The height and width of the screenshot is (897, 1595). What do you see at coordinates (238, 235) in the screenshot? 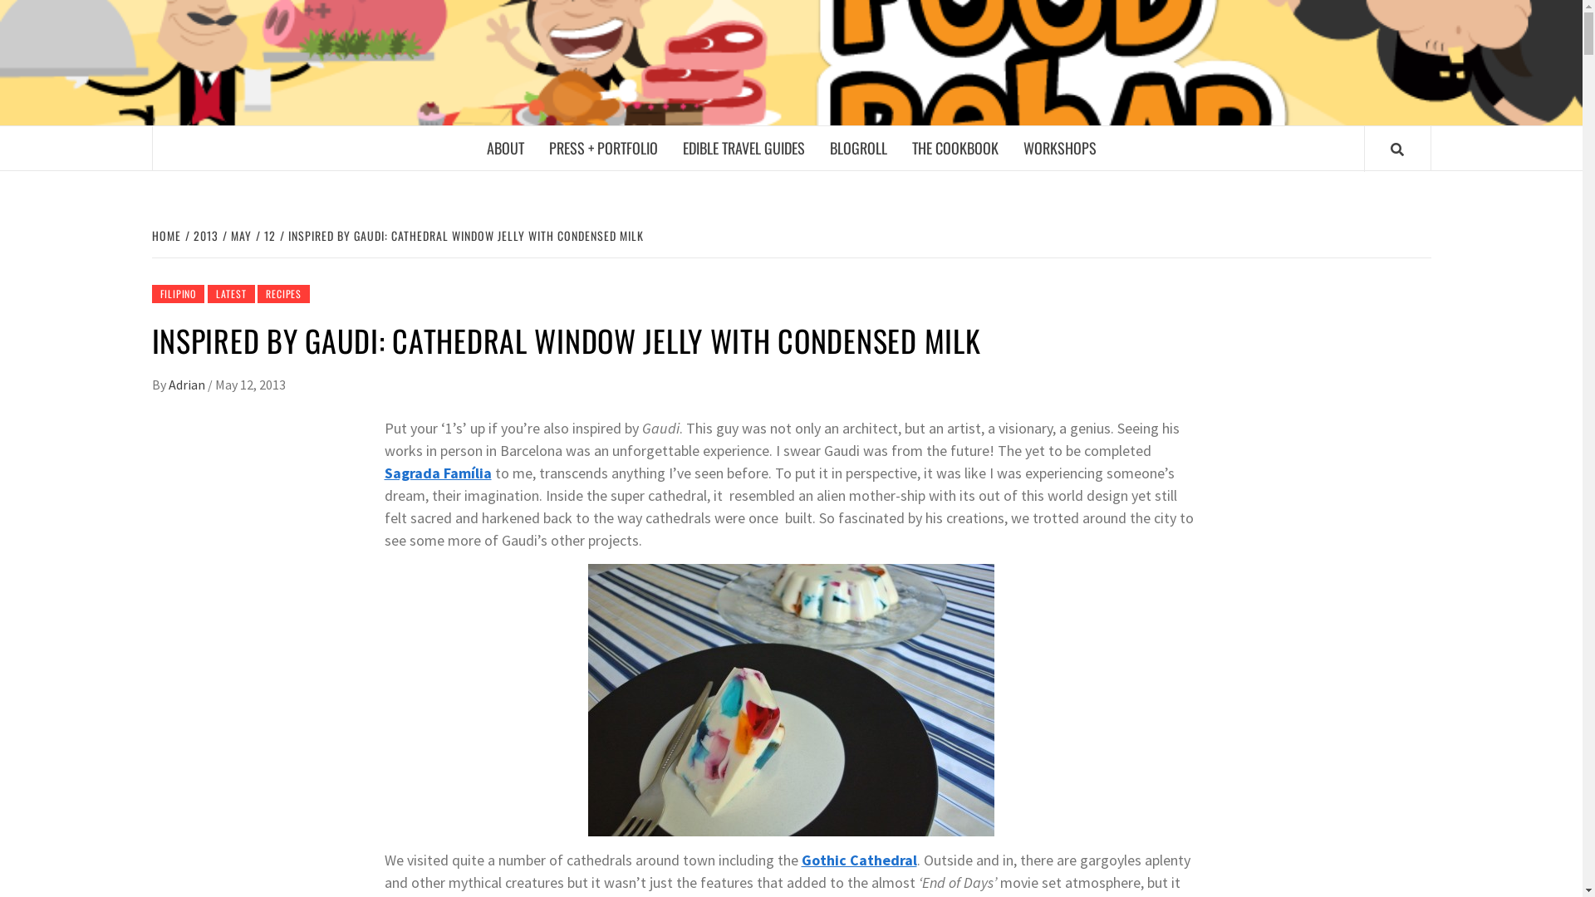
I see `'MAY'` at bounding box center [238, 235].